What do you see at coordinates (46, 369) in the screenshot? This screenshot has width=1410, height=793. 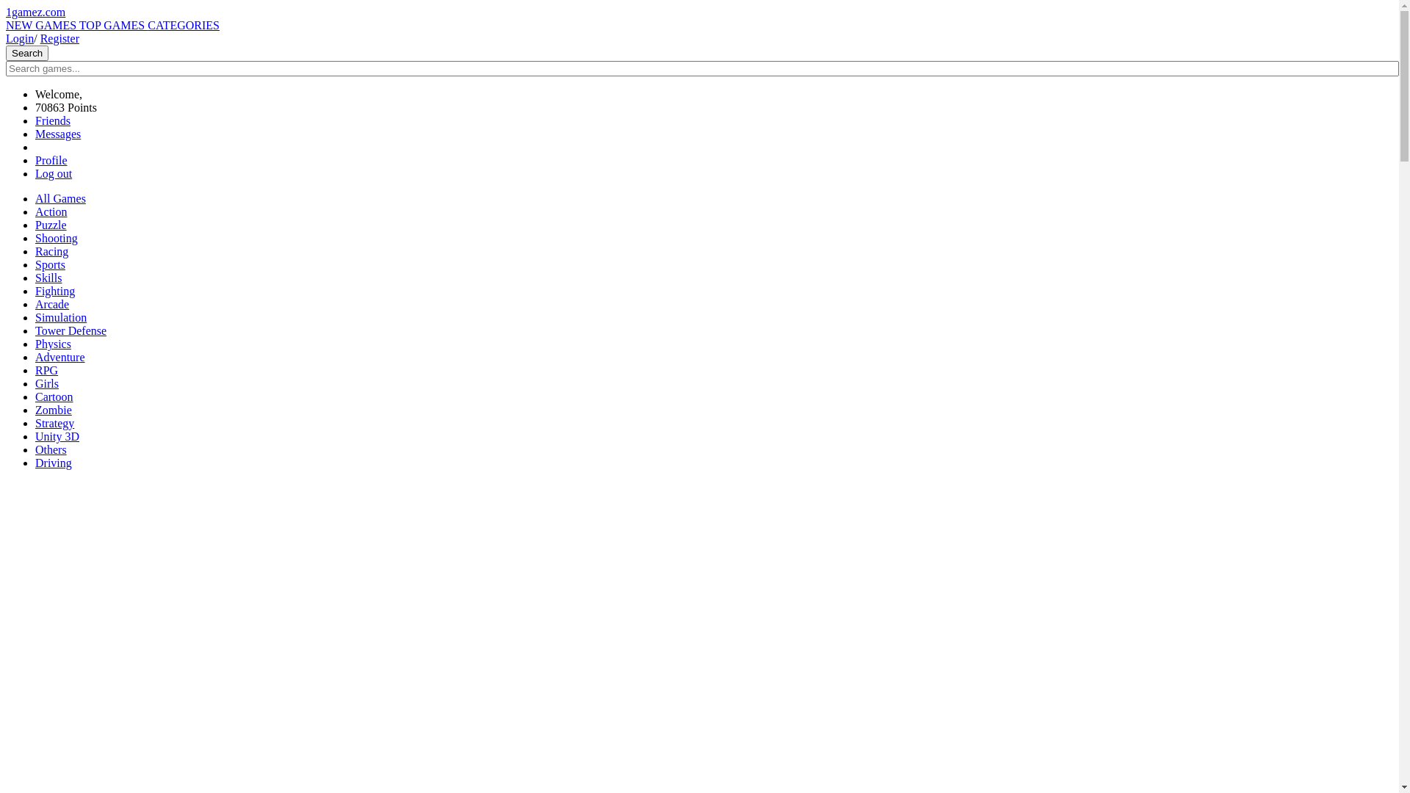 I see `'RPG'` at bounding box center [46, 369].